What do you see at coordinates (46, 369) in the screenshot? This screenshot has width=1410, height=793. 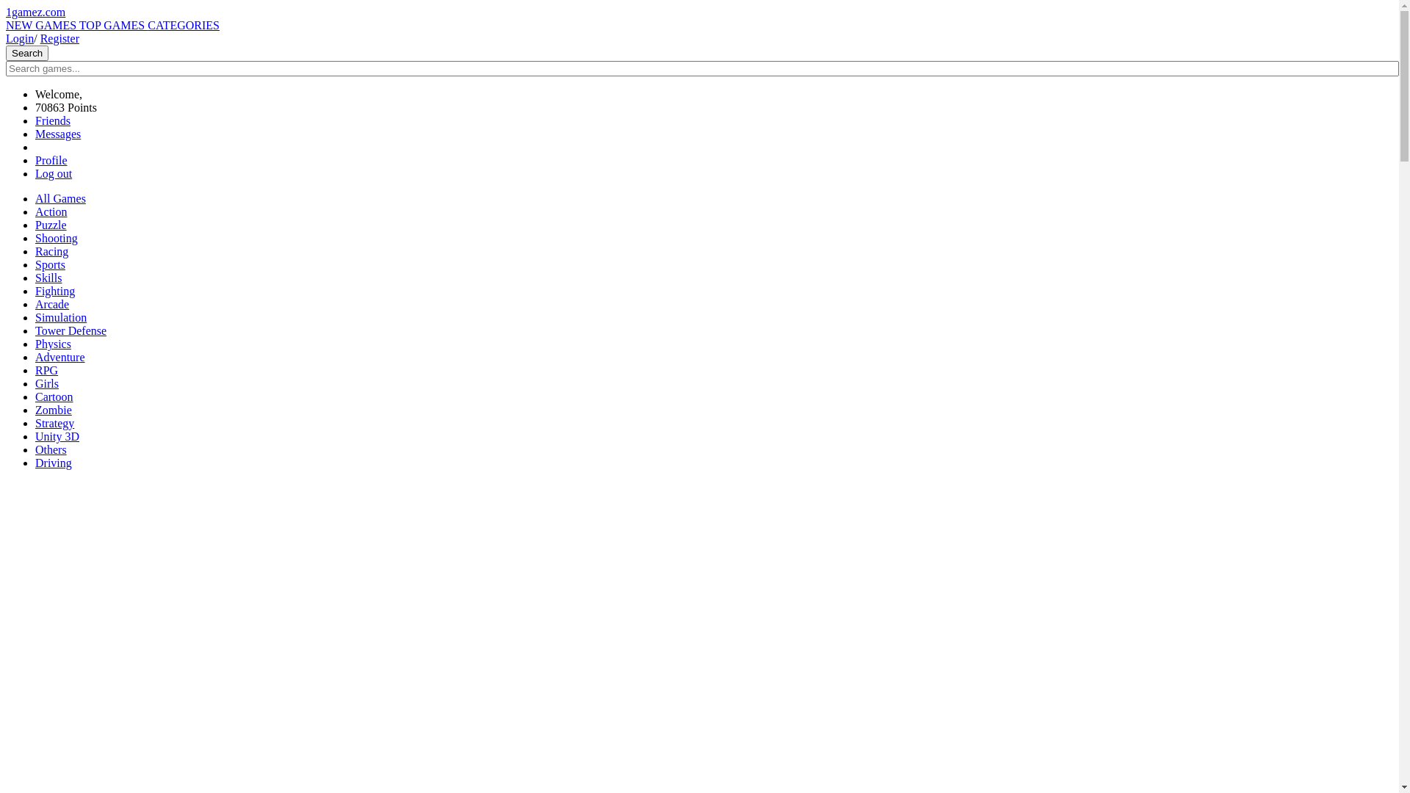 I see `'RPG'` at bounding box center [46, 369].